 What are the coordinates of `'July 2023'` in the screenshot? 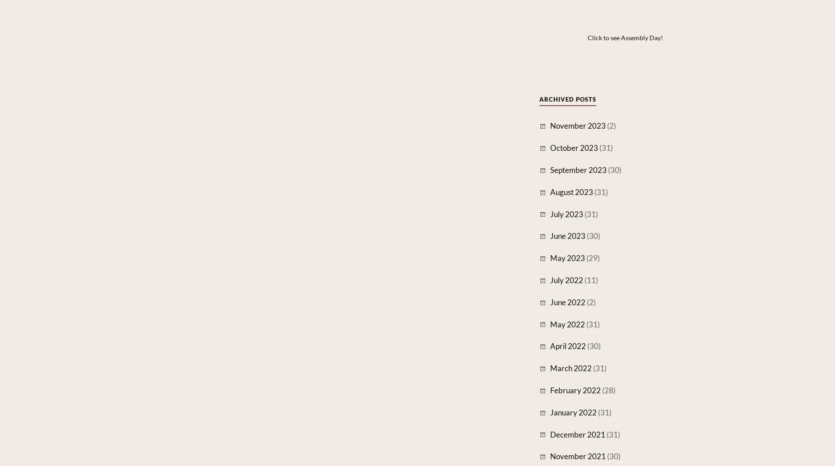 It's located at (566, 213).